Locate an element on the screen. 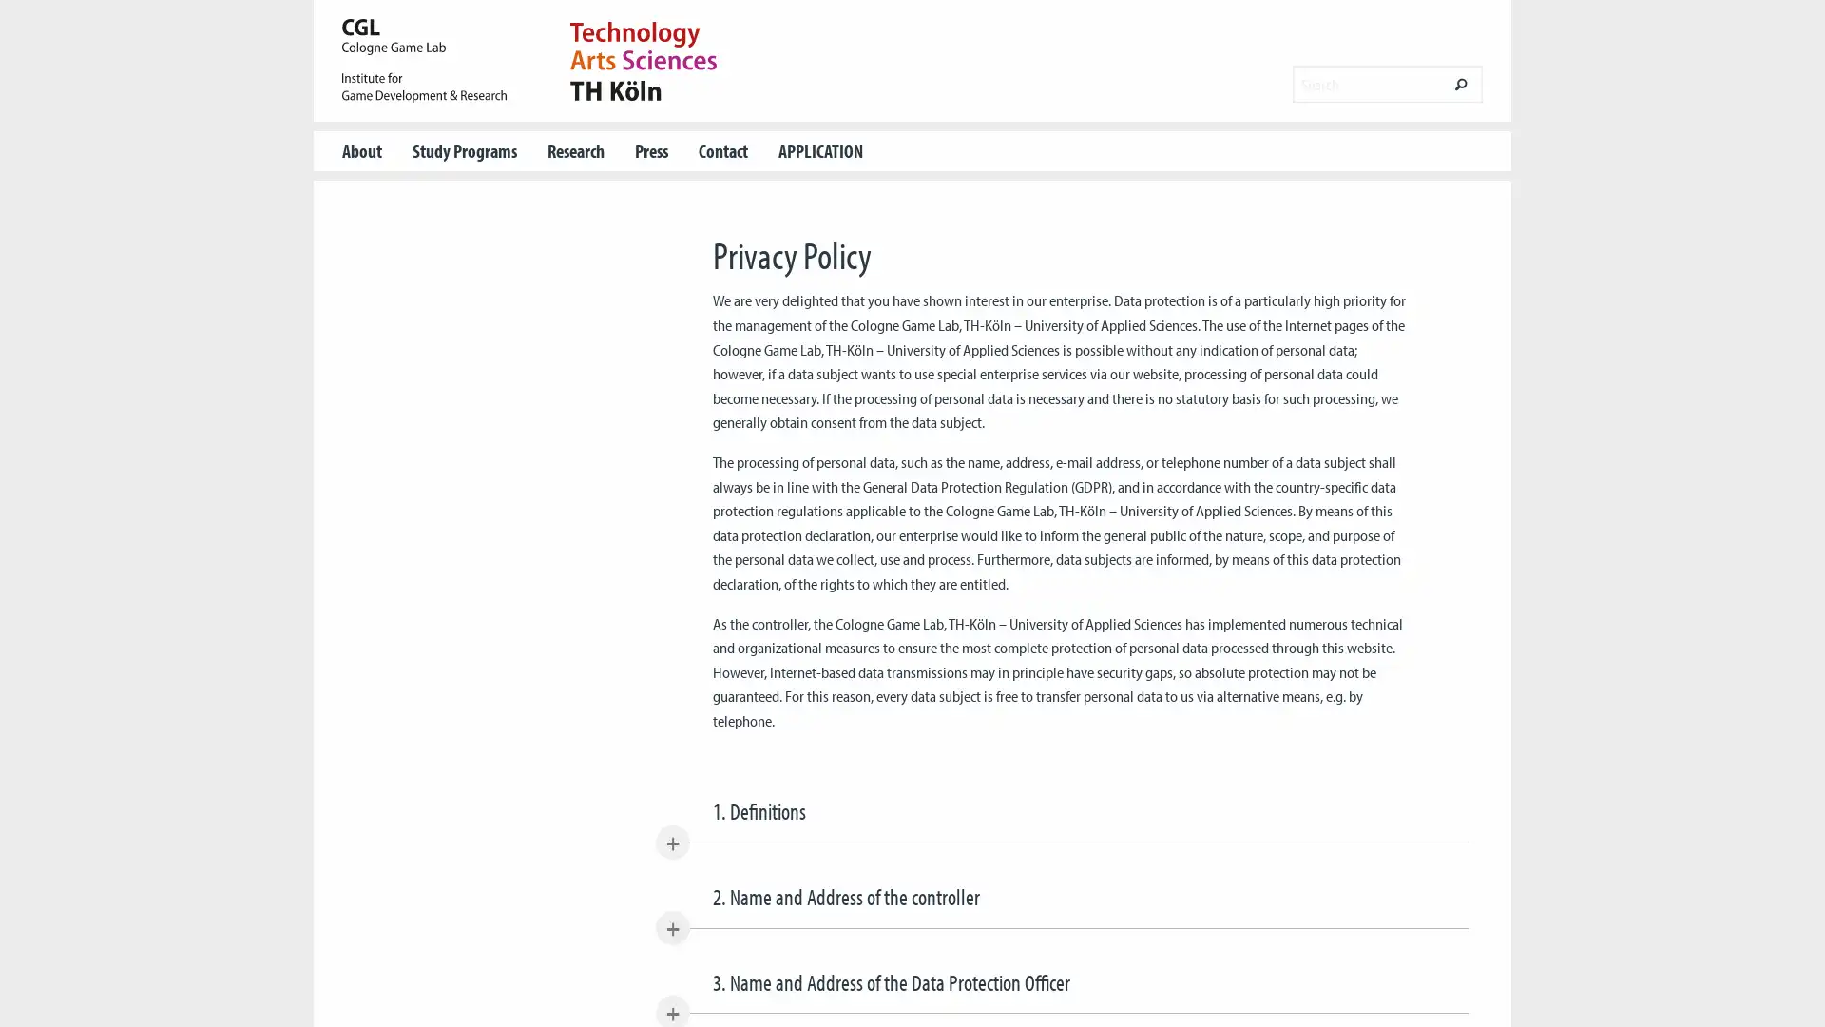 Image resolution: width=1825 pixels, height=1027 pixels. 3. Name and Address of the Data Protection Officer + is located at coordinates (1060, 989).